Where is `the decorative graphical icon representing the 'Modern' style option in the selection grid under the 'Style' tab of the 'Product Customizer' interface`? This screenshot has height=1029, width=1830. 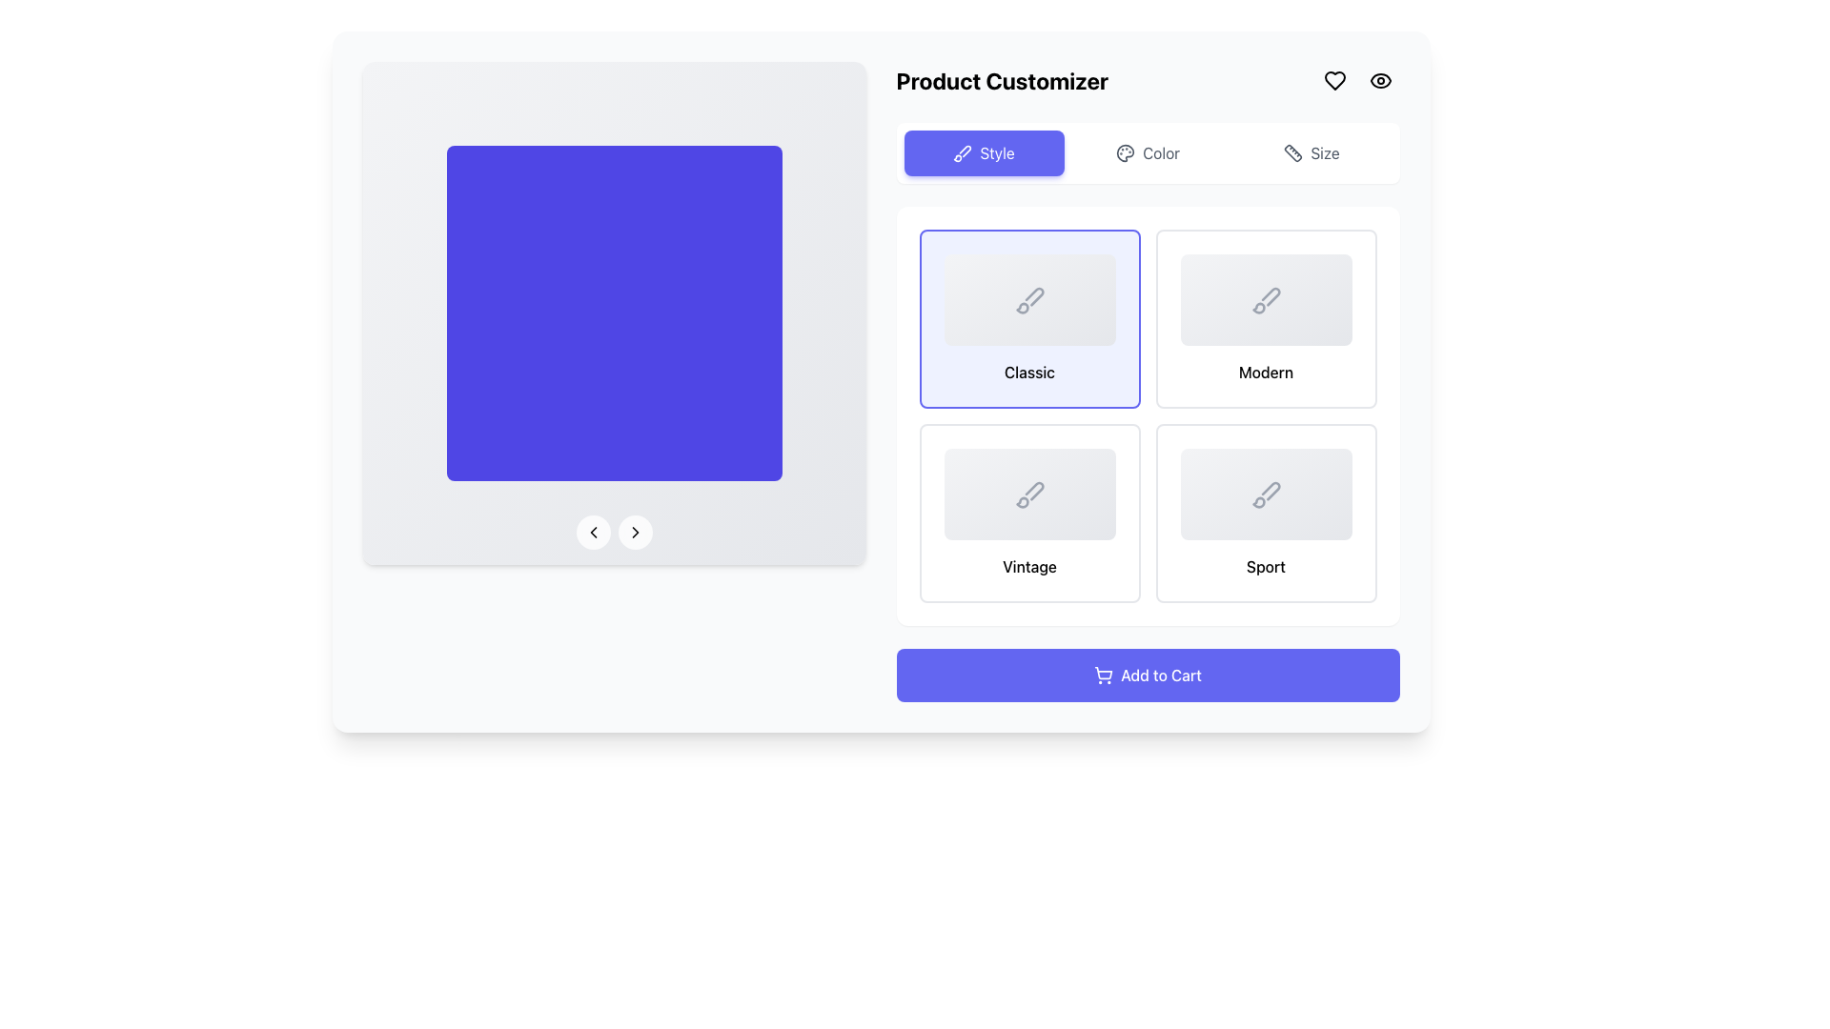
the decorative graphical icon representing the 'Modern' style option in the selection grid under the 'Style' tab of the 'Product Customizer' interface is located at coordinates (1271, 296).